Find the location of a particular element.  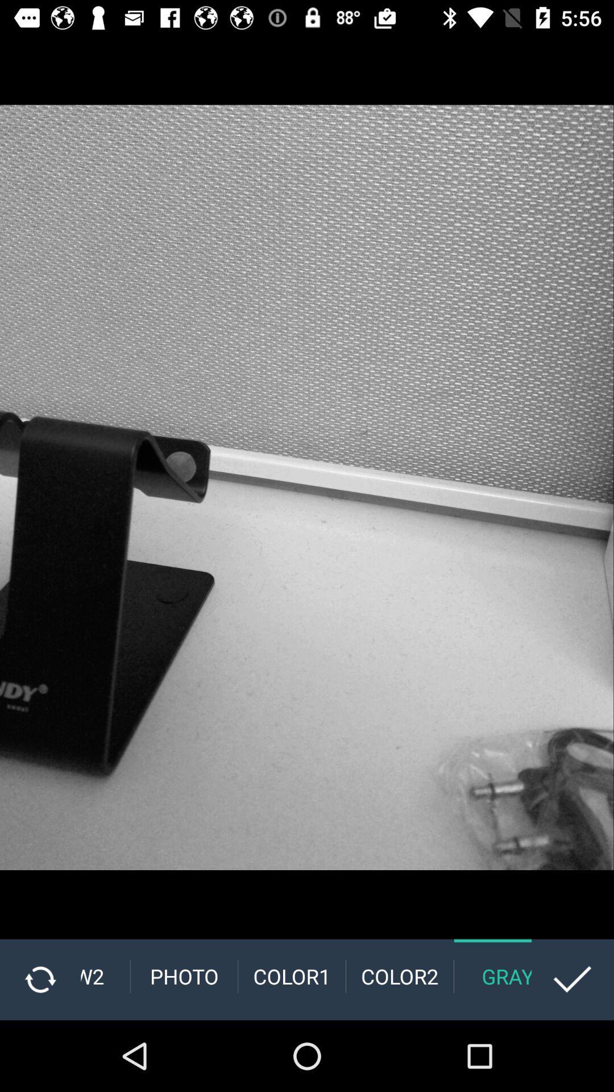

the color2 radio button is located at coordinates (399, 976).